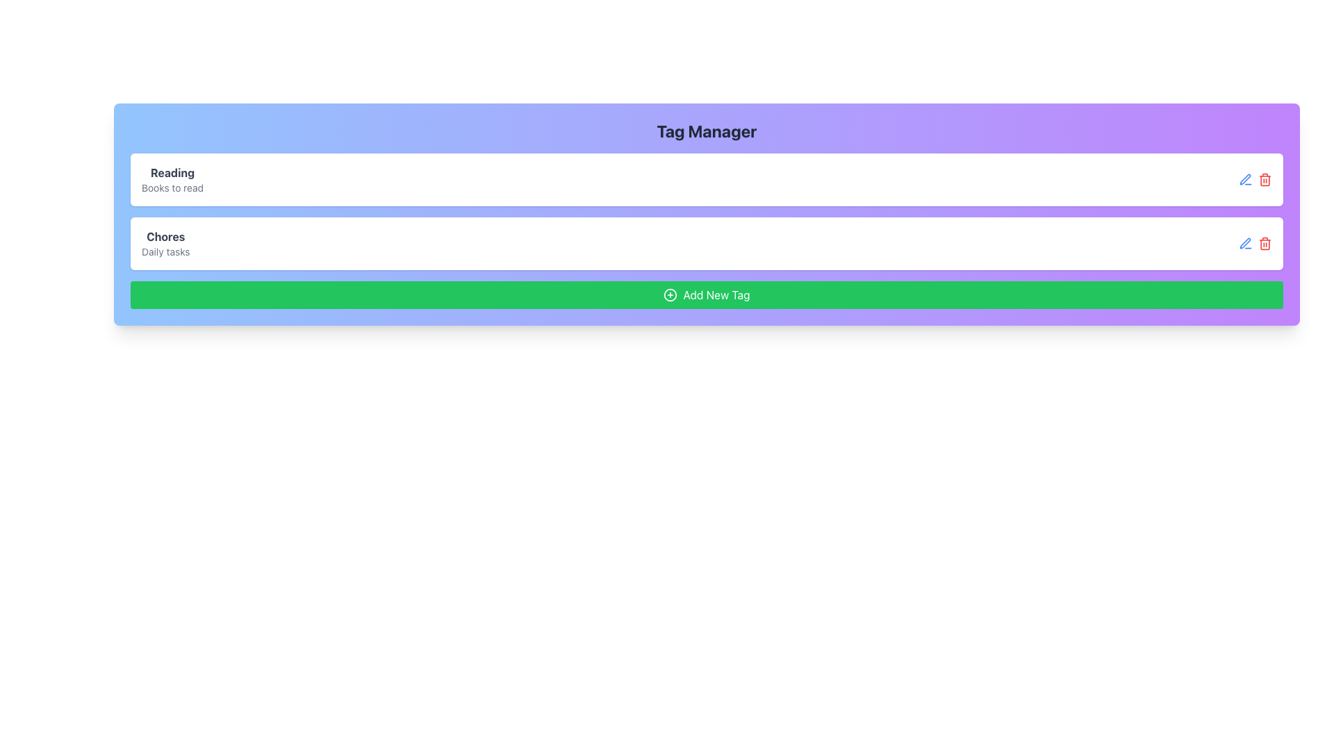 Image resolution: width=1334 pixels, height=750 pixels. Describe the element at coordinates (172, 178) in the screenshot. I see `the label containing the text 'Reading' and its subtext 'Books to read', which is the topmost item in a list inside a white rounded rectangle in the 'Tag Manager' section` at that location.